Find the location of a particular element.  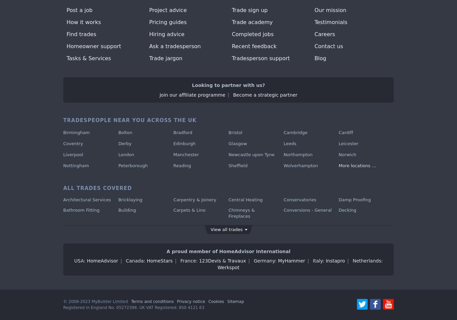

'Completed jobs' is located at coordinates (252, 34).